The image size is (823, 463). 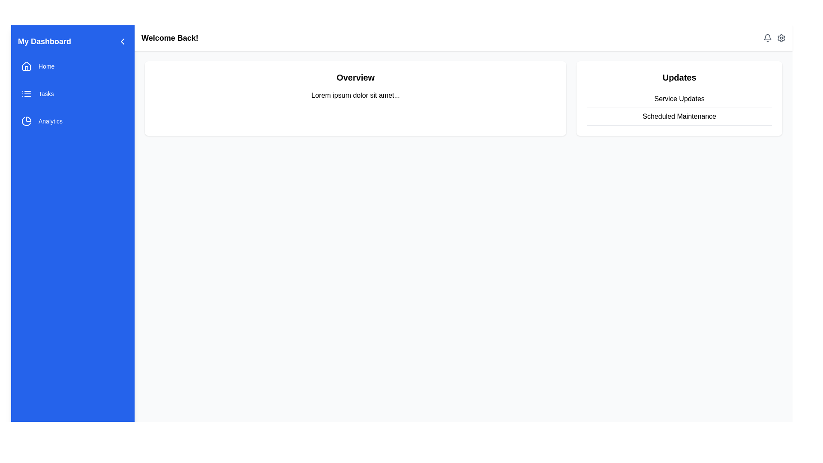 What do you see at coordinates (50, 121) in the screenshot?
I see `the 'Analytics' label in the vertical side navigation bar, which is located directly to the right of the pie chart icon and is the third label below 'Home' and 'Tasks'` at bounding box center [50, 121].